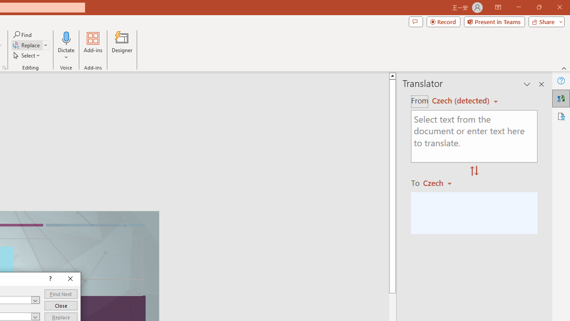 The width and height of the screenshot is (570, 321). Describe the element at coordinates (462, 100) in the screenshot. I see `'Czech (detected)'` at that location.